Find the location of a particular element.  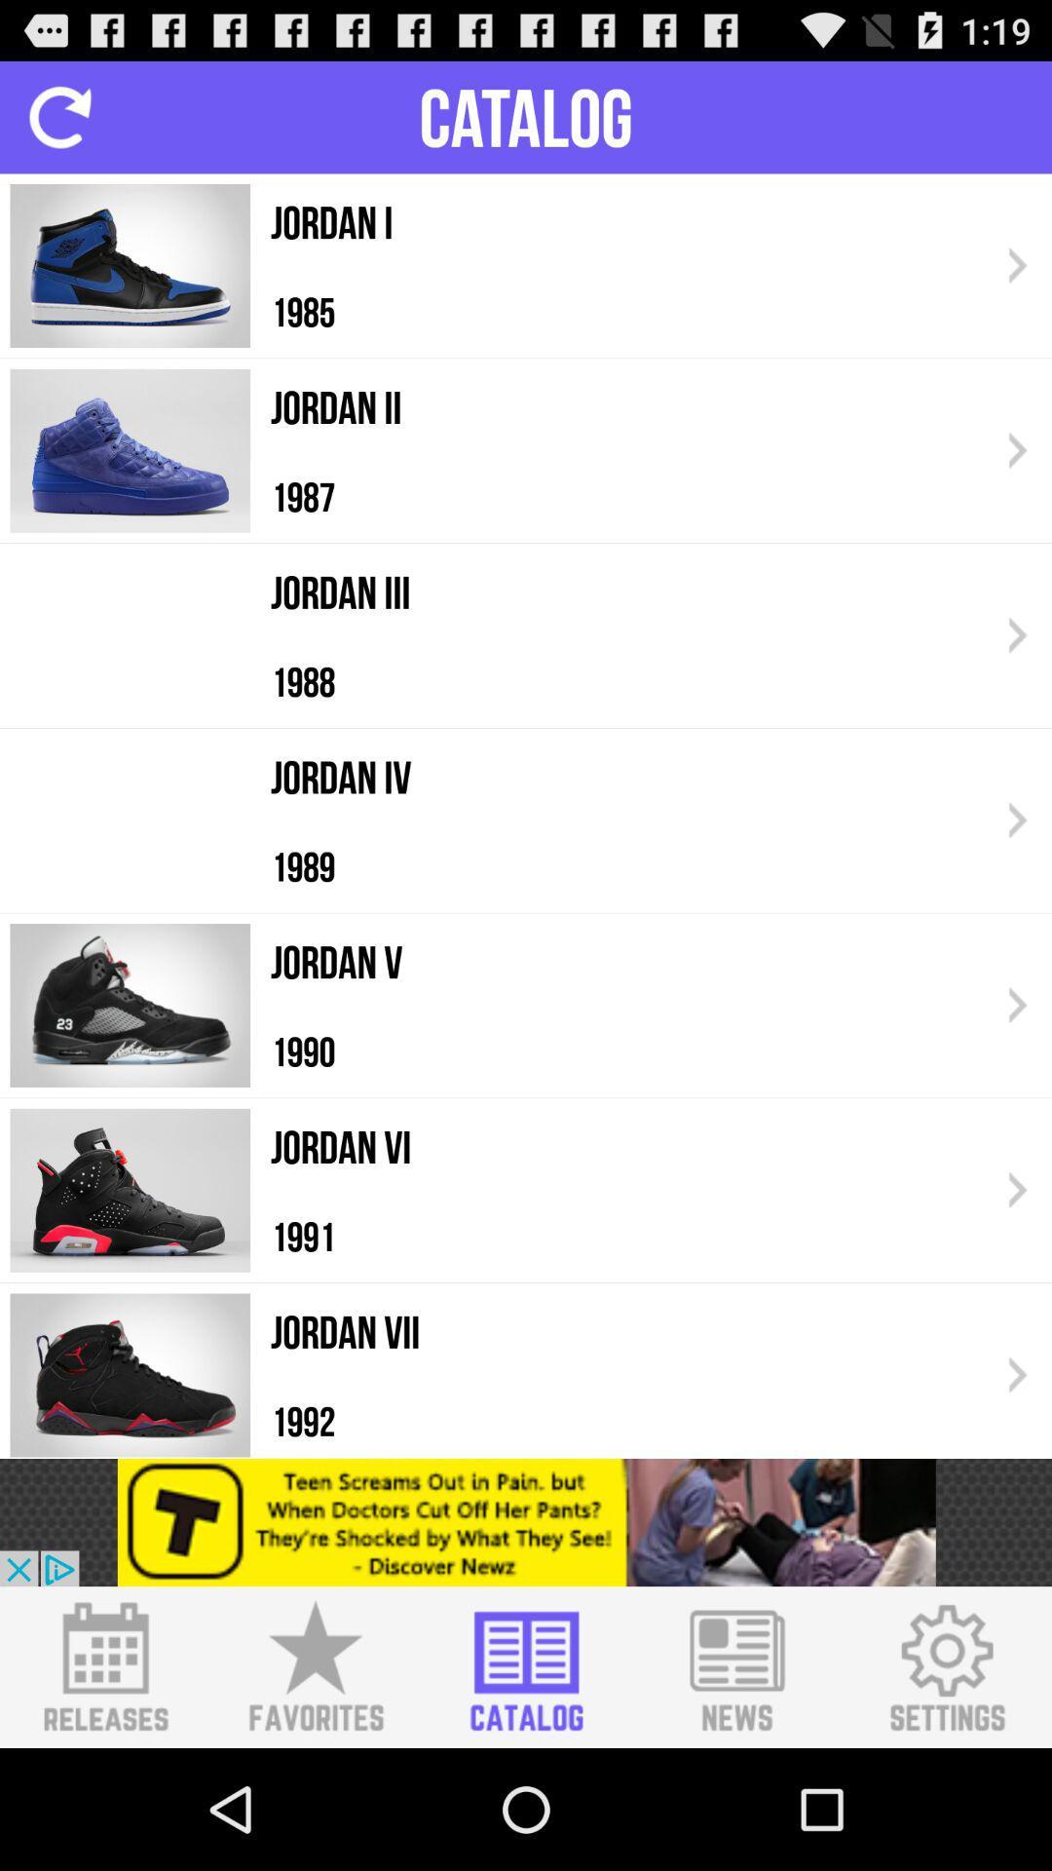

to replay is located at coordinates (58, 116).